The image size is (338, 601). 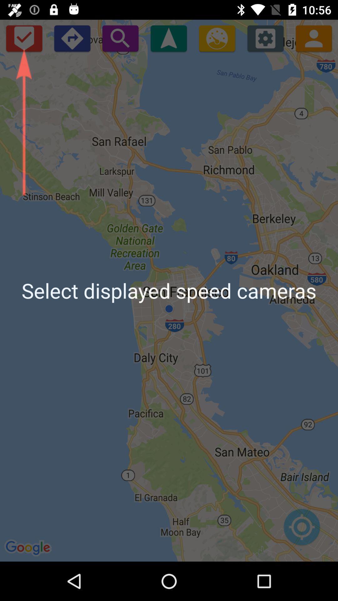 I want to click on app above select displayed speed app, so click(x=72, y=38).